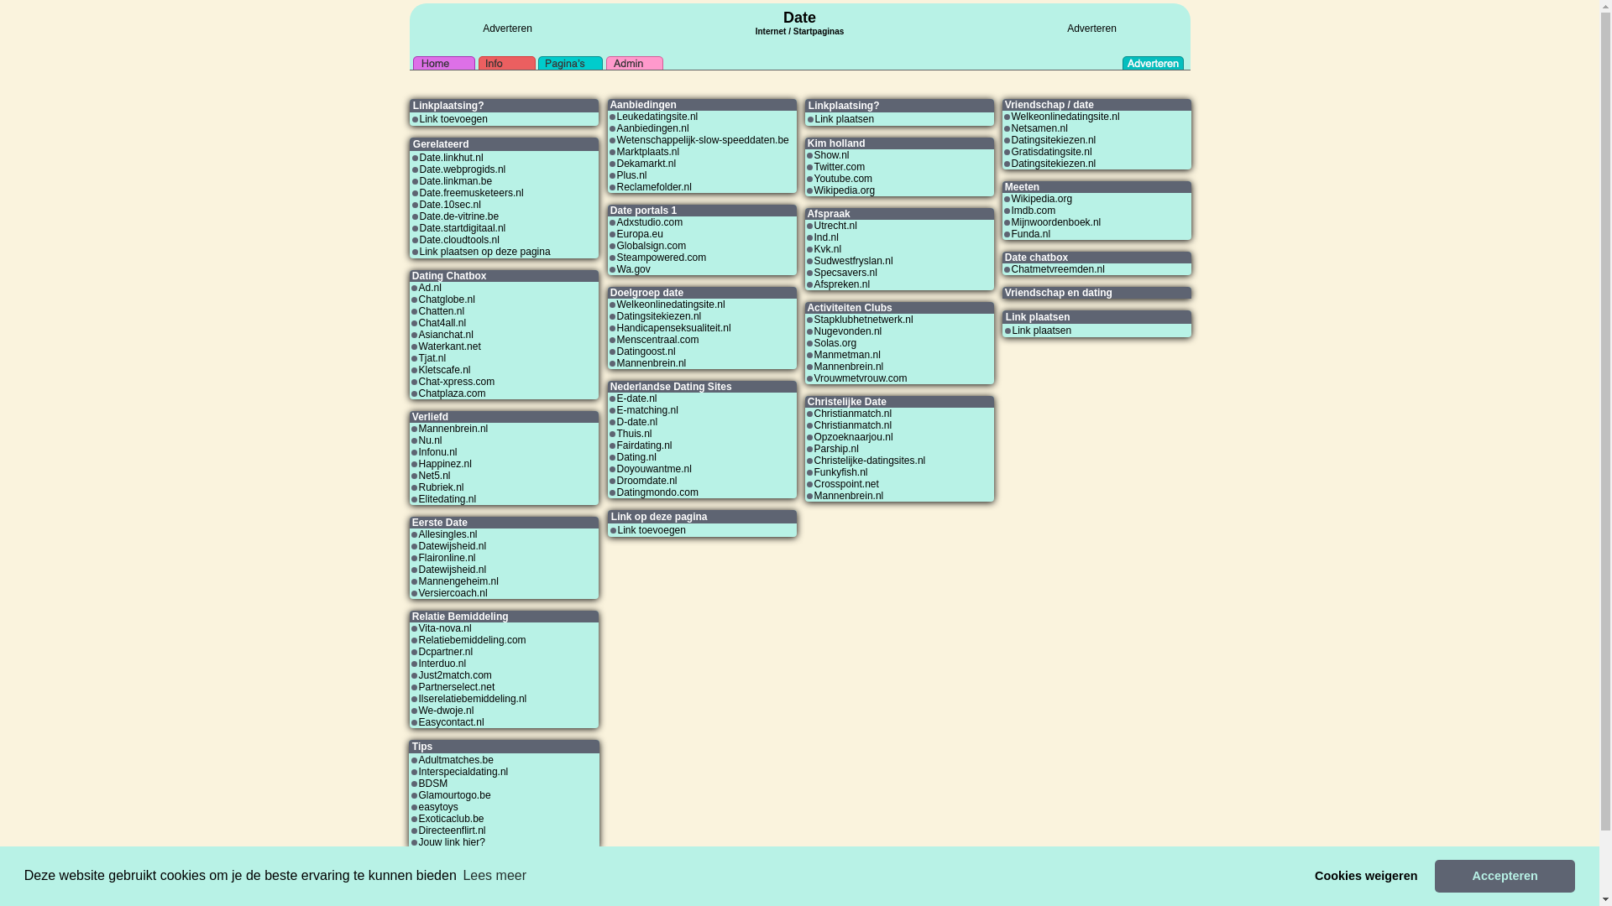  I want to click on 'Wa.gov', so click(631, 268).